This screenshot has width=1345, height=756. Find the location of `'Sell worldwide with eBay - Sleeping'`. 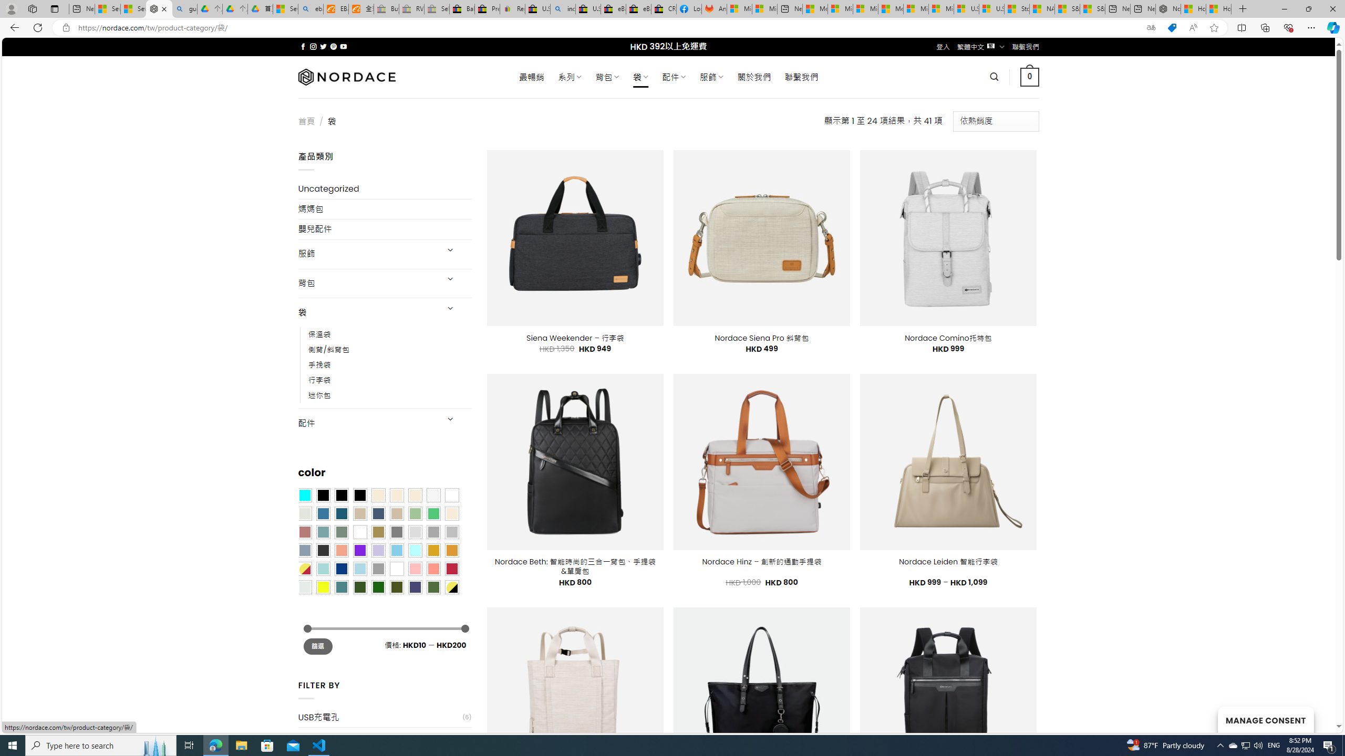

'Sell worldwide with eBay - Sleeping' is located at coordinates (437, 8).